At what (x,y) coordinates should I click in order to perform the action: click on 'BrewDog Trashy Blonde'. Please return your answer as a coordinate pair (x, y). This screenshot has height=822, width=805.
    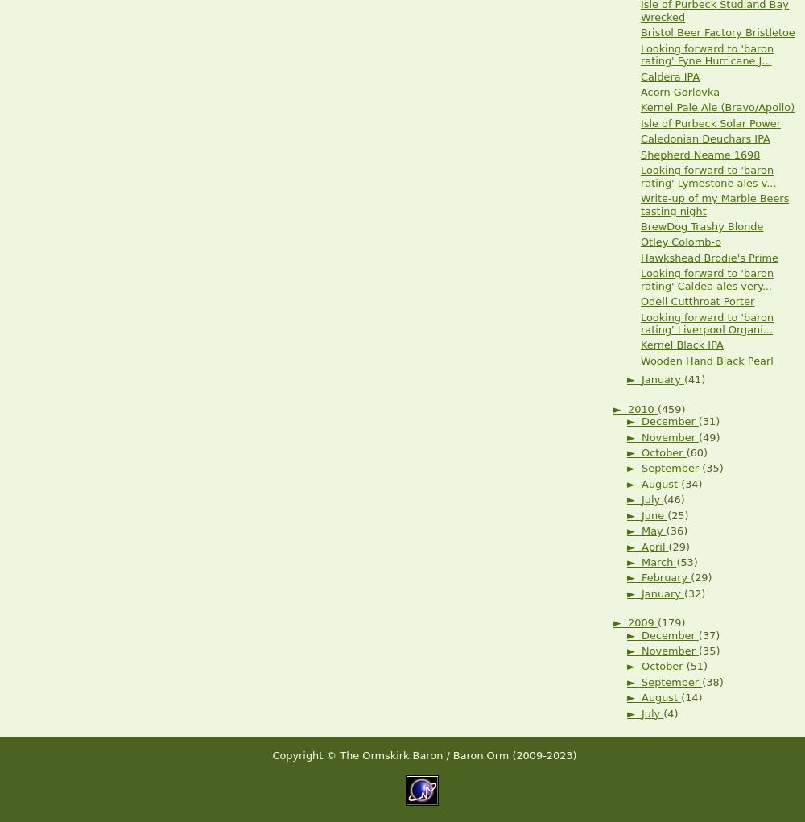
    Looking at the image, I should click on (701, 225).